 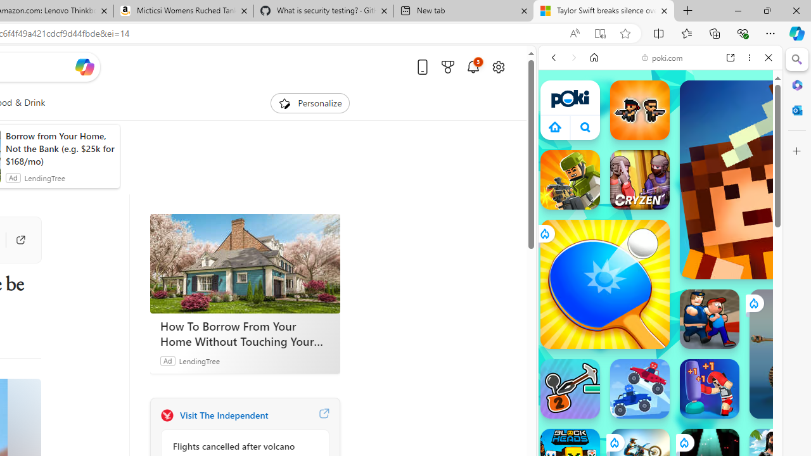 I want to click on 'Zombie Rush Zombie Rush', so click(x=639, y=109).